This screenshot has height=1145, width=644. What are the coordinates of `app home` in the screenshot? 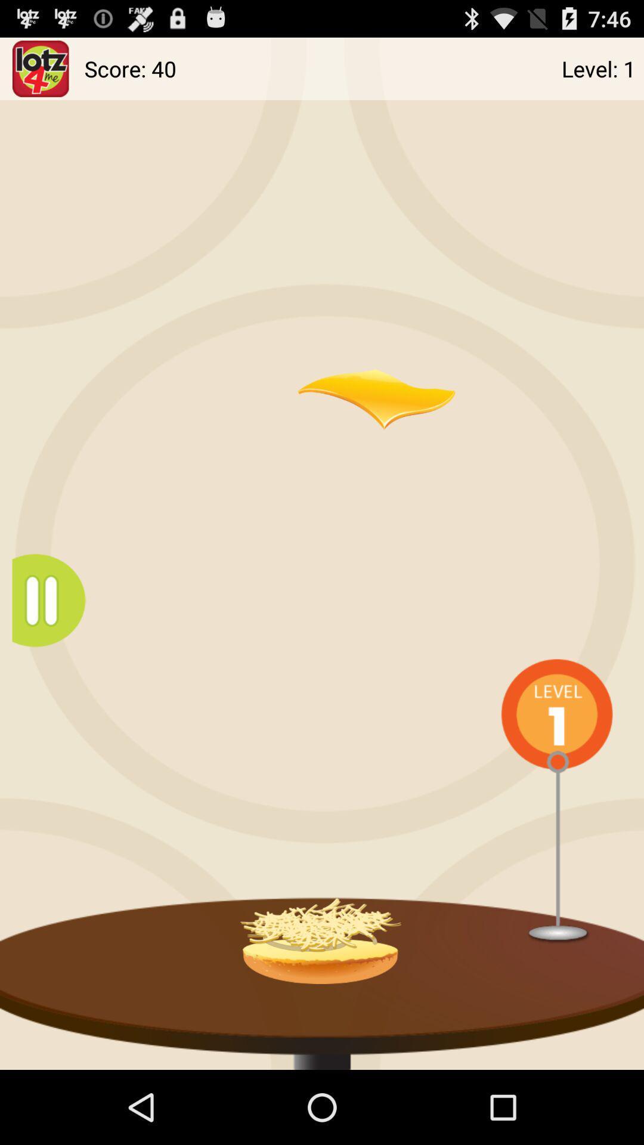 It's located at (40, 68).